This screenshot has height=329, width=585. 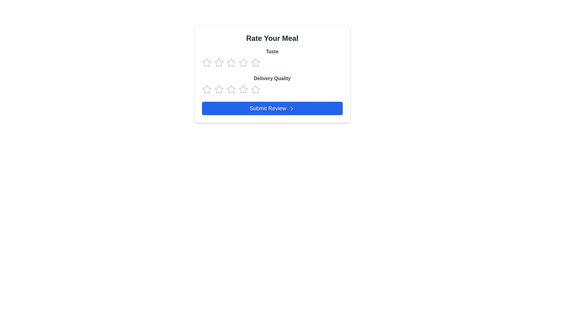 What do you see at coordinates (231, 89) in the screenshot?
I see `the fourth star icon in the 'Delivery Quality' section` at bounding box center [231, 89].